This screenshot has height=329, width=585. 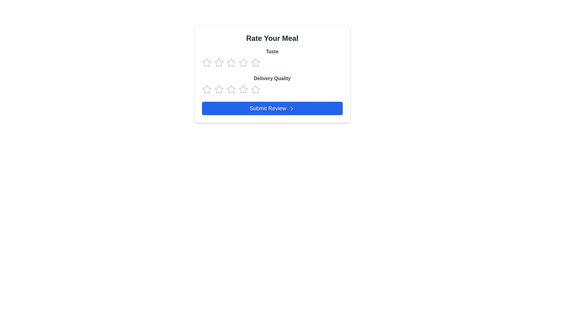 What do you see at coordinates (231, 89) in the screenshot?
I see `the fourth star icon in the 'Delivery Quality' section` at bounding box center [231, 89].